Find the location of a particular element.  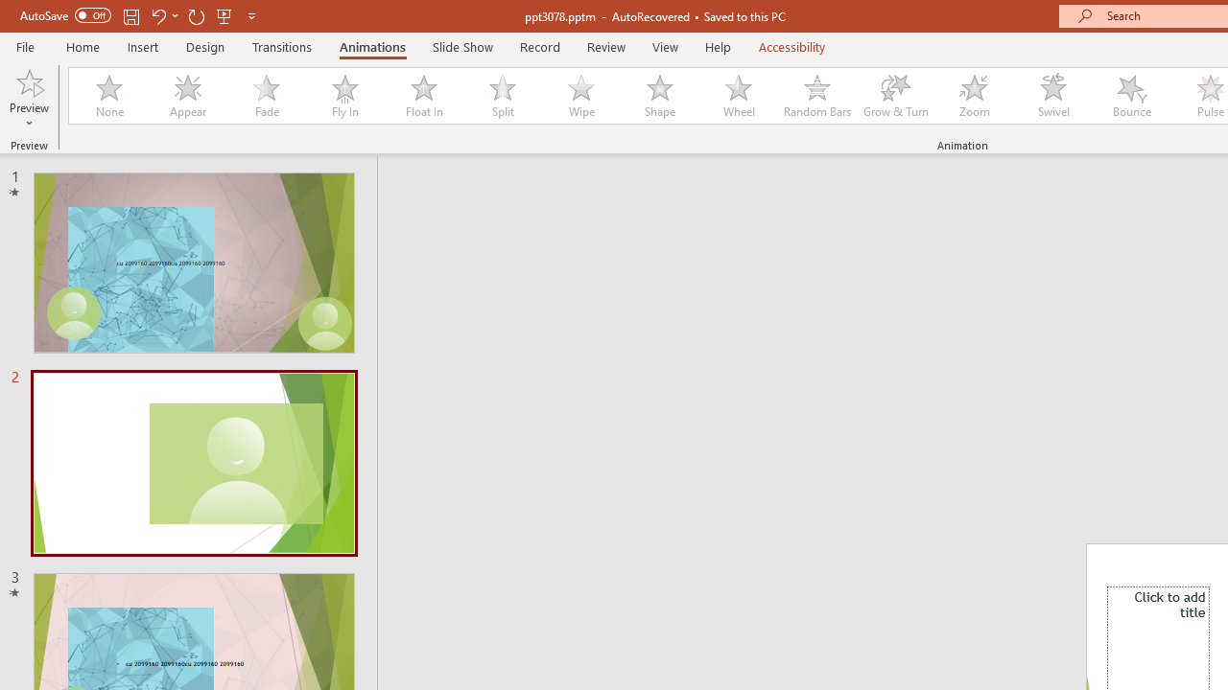

'Grow & Turn' is located at coordinates (895, 96).